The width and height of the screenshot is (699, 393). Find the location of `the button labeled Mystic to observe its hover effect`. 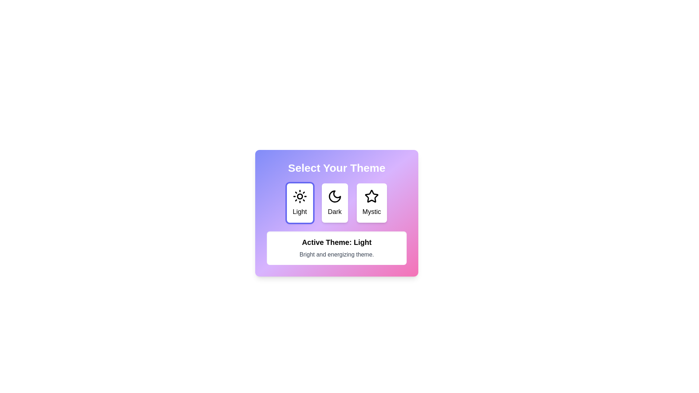

the button labeled Mystic to observe its hover effect is located at coordinates (372, 203).